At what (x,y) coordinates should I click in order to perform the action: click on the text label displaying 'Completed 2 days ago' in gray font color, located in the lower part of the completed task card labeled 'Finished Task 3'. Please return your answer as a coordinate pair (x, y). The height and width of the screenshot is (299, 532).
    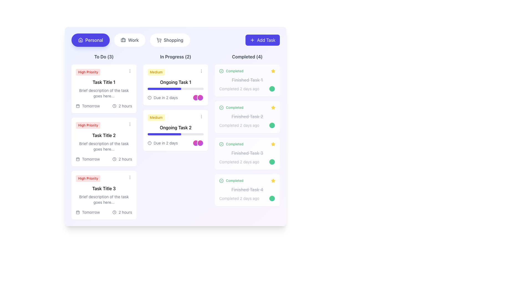
    Looking at the image, I should click on (239, 162).